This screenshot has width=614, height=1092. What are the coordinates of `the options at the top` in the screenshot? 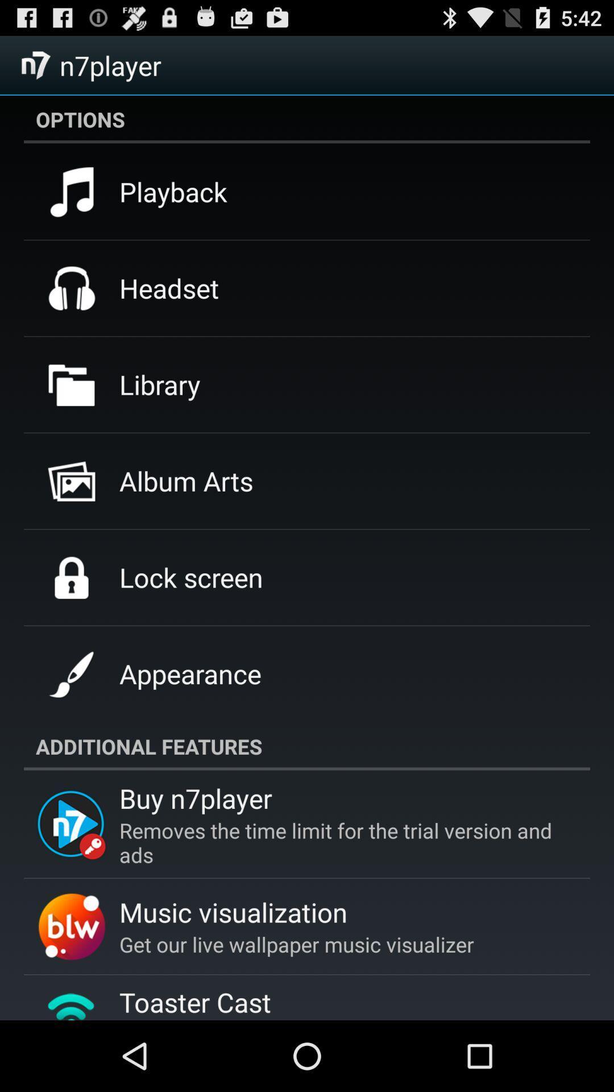 It's located at (307, 119).